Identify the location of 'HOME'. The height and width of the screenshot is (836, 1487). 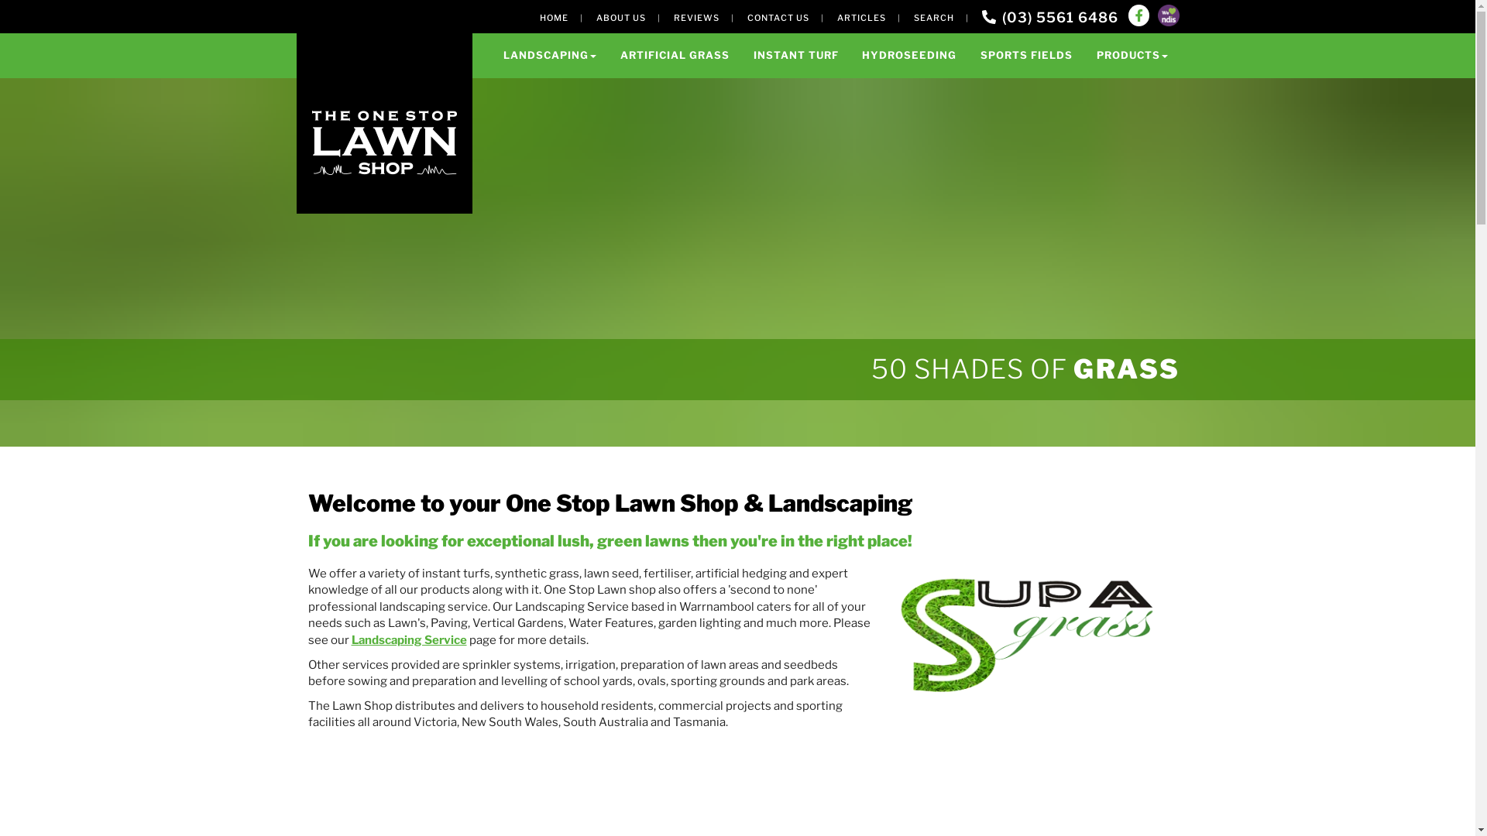
(553, 18).